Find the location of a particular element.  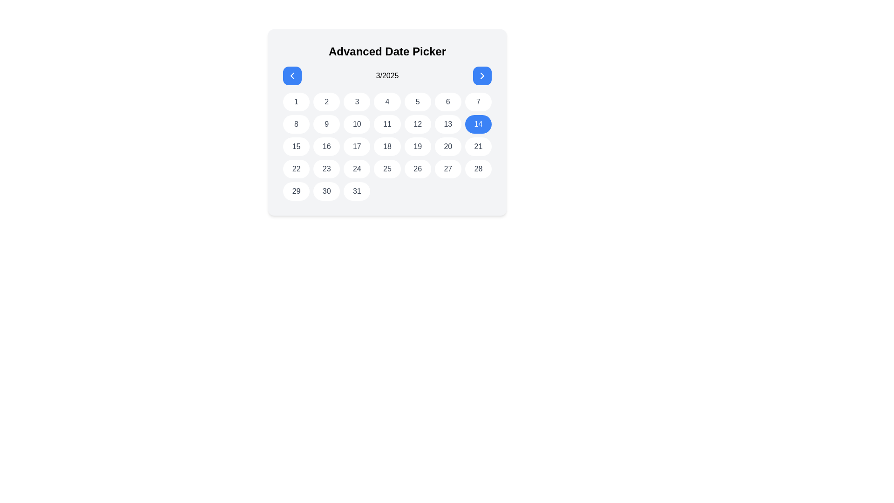

the interactive button representing the 14th day in the calendar is located at coordinates (478, 123).